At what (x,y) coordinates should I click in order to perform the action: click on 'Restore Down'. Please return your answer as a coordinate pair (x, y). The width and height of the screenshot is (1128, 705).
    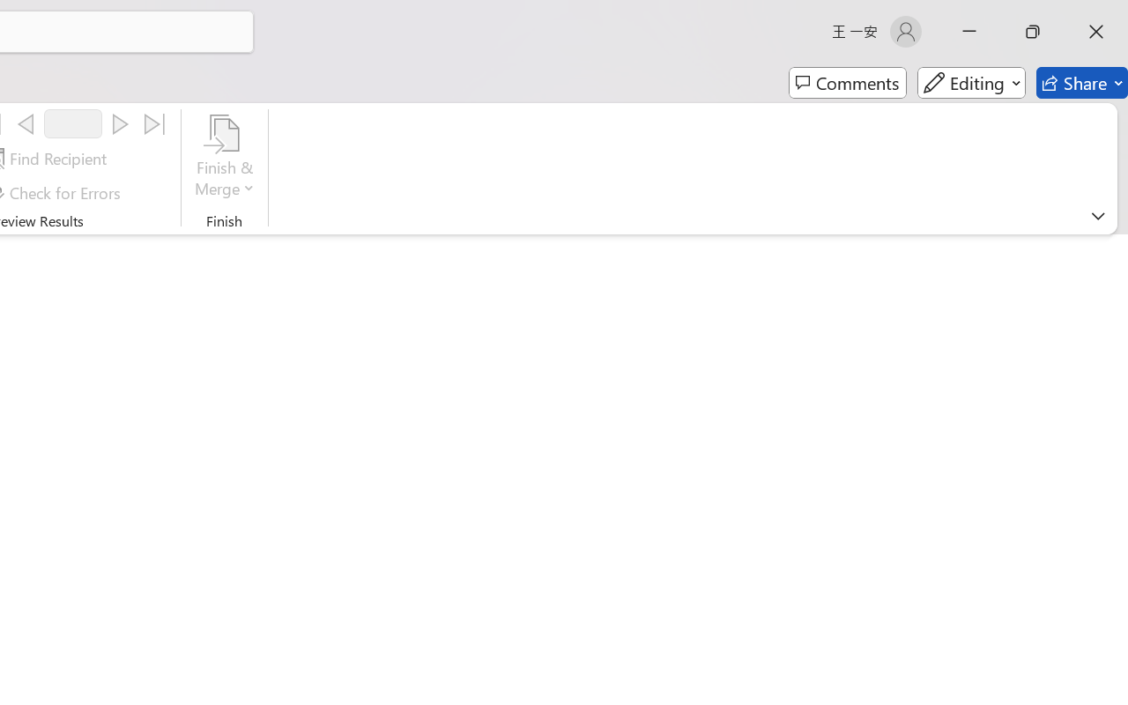
    Looking at the image, I should click on (1033, 31).